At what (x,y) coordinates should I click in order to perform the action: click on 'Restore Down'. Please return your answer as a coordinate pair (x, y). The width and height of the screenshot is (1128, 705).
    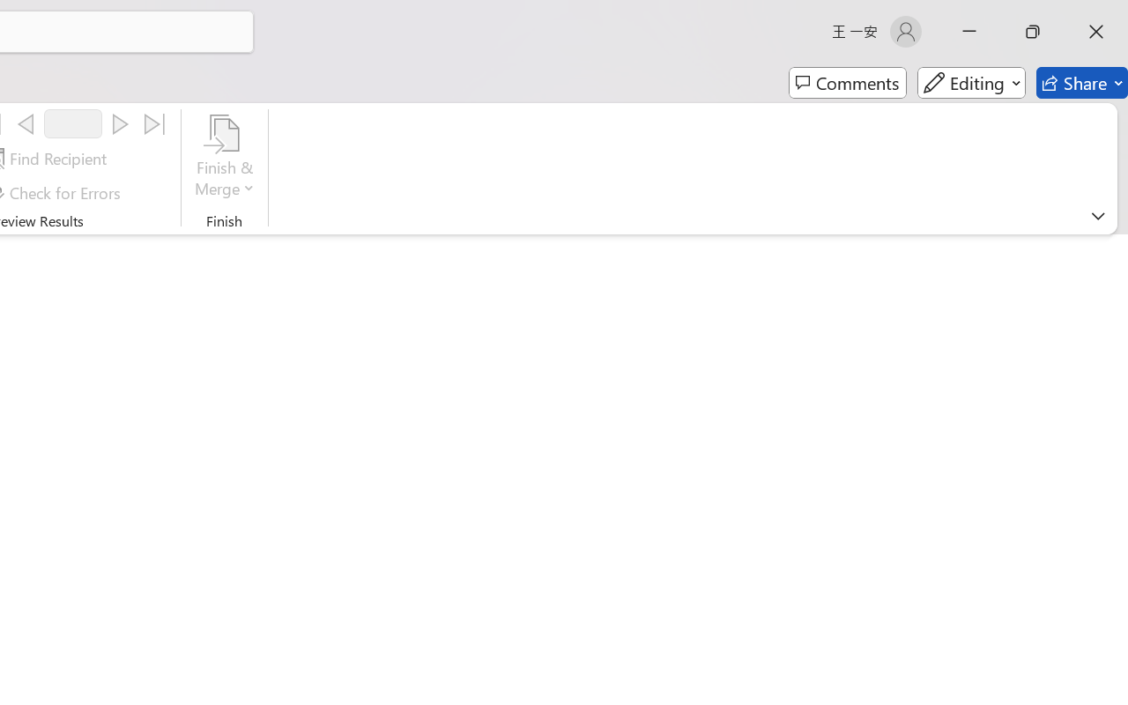
    Looking at the image, I should click on (1033, 31).